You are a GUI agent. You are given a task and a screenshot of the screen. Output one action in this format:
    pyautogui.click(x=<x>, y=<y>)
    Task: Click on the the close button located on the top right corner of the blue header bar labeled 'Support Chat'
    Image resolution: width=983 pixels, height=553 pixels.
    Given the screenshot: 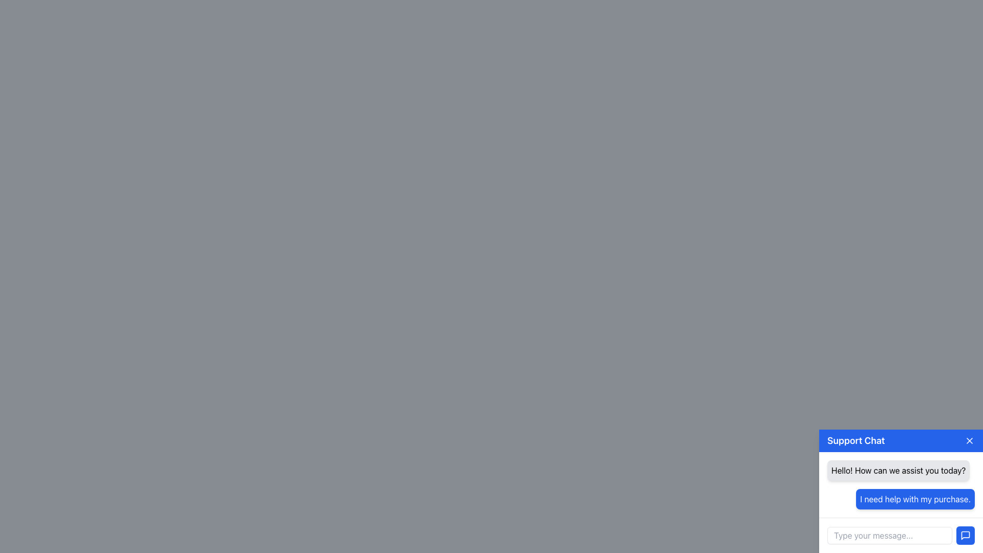 What is the action you would take?
    pyautogui.click(x=969, y=440)
    